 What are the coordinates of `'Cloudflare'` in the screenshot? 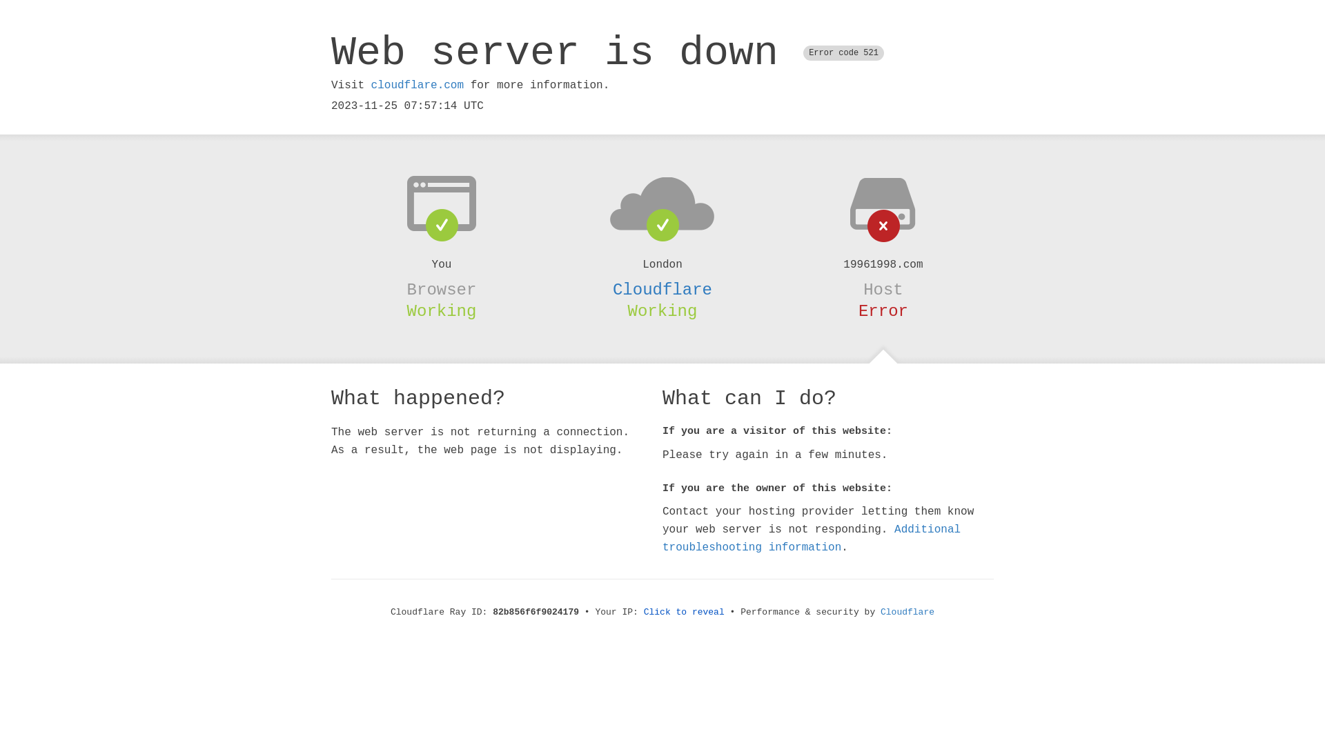 It's located at (662, 289).